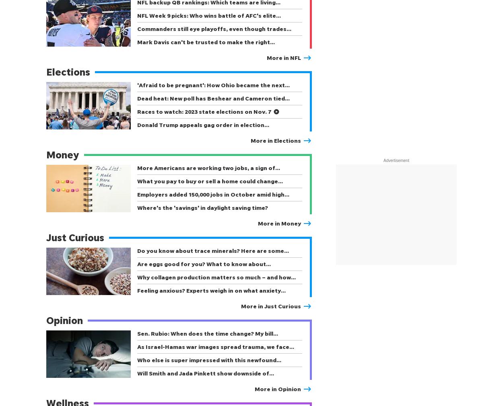 This screenshot has height=406, width=503. What do you see at coordinates (250, 140) in the screenshot?
I see `'More in Elections'` at bounding box center [250, 140].